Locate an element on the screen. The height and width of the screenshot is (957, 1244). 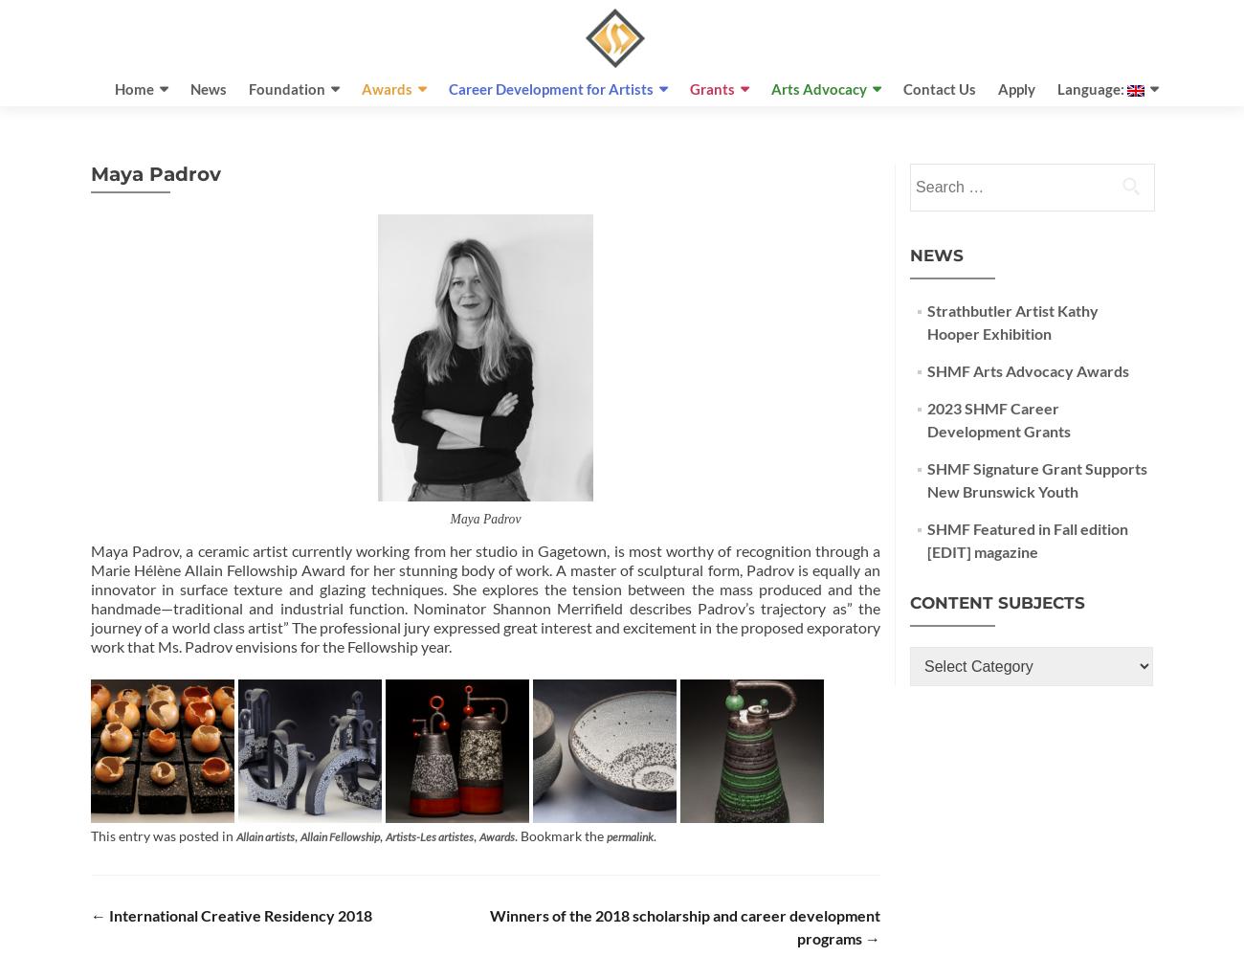
'Strathbutler Artist Kathy Hooper Exhibition' is located at coordinates (1011, 321).